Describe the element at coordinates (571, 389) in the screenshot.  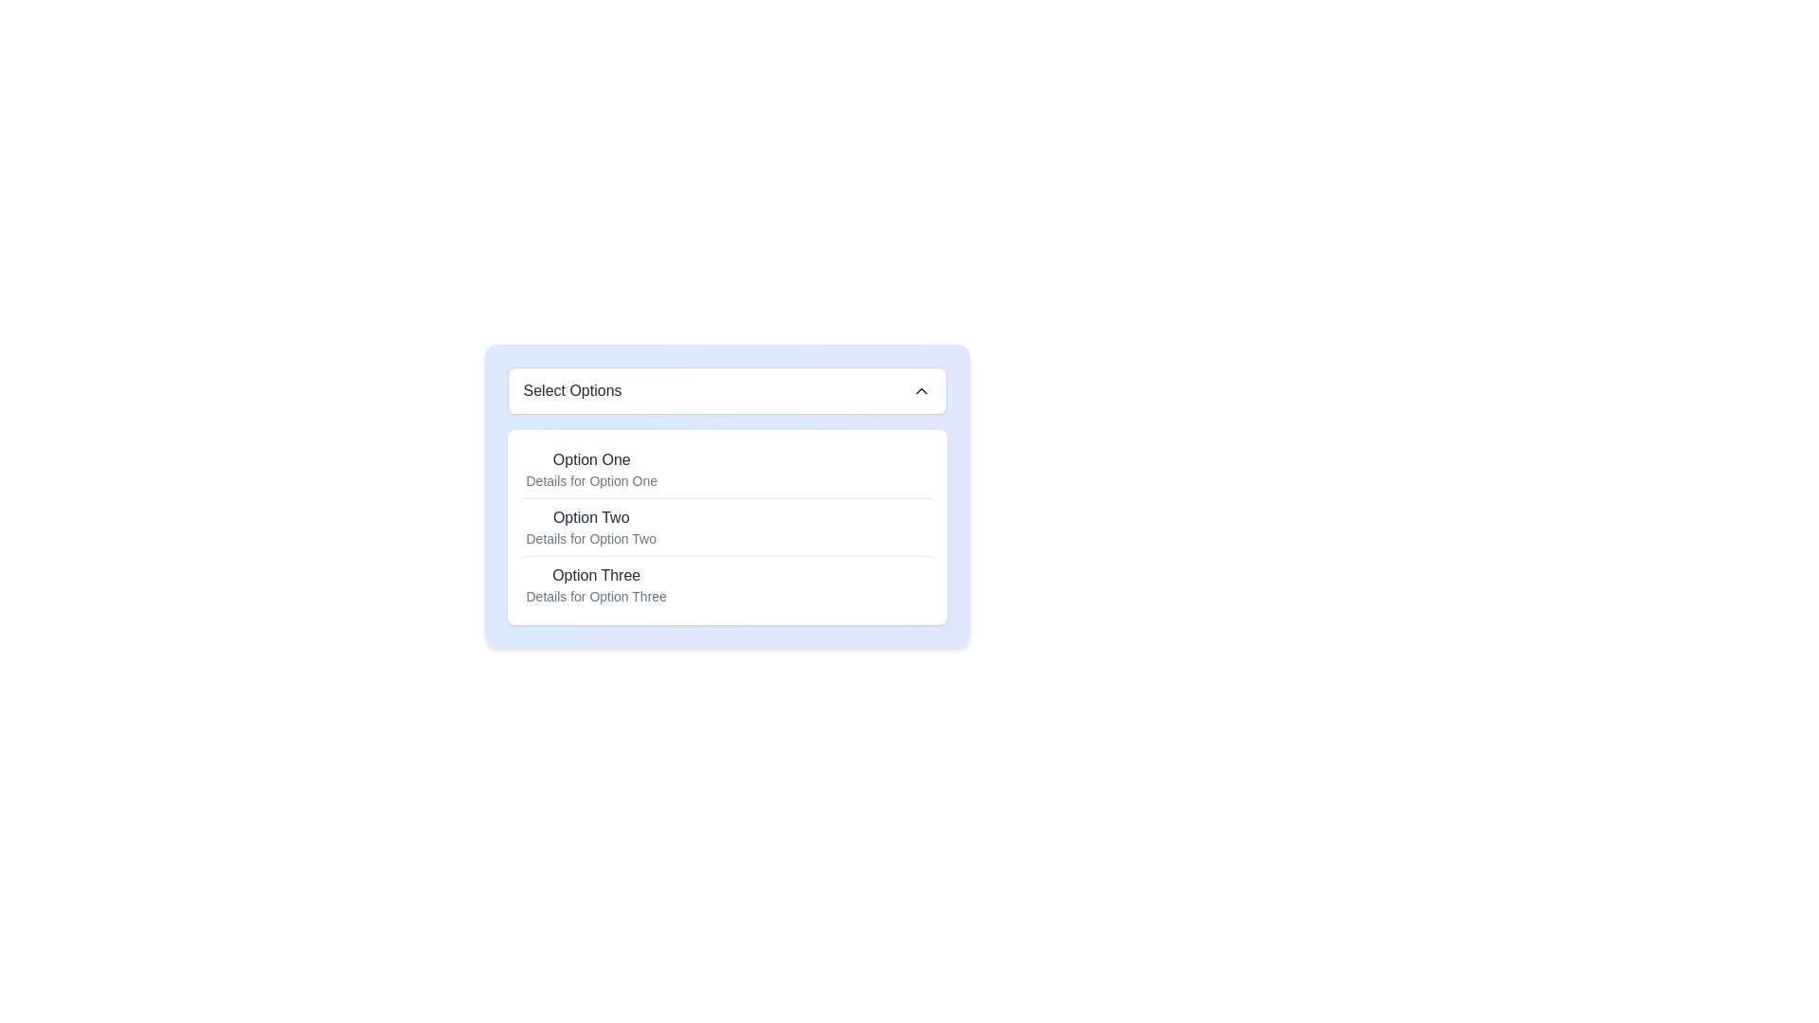
I see `text displayed in the label or title of the dropdown menu component located to the left of the chevron icon` at that location.